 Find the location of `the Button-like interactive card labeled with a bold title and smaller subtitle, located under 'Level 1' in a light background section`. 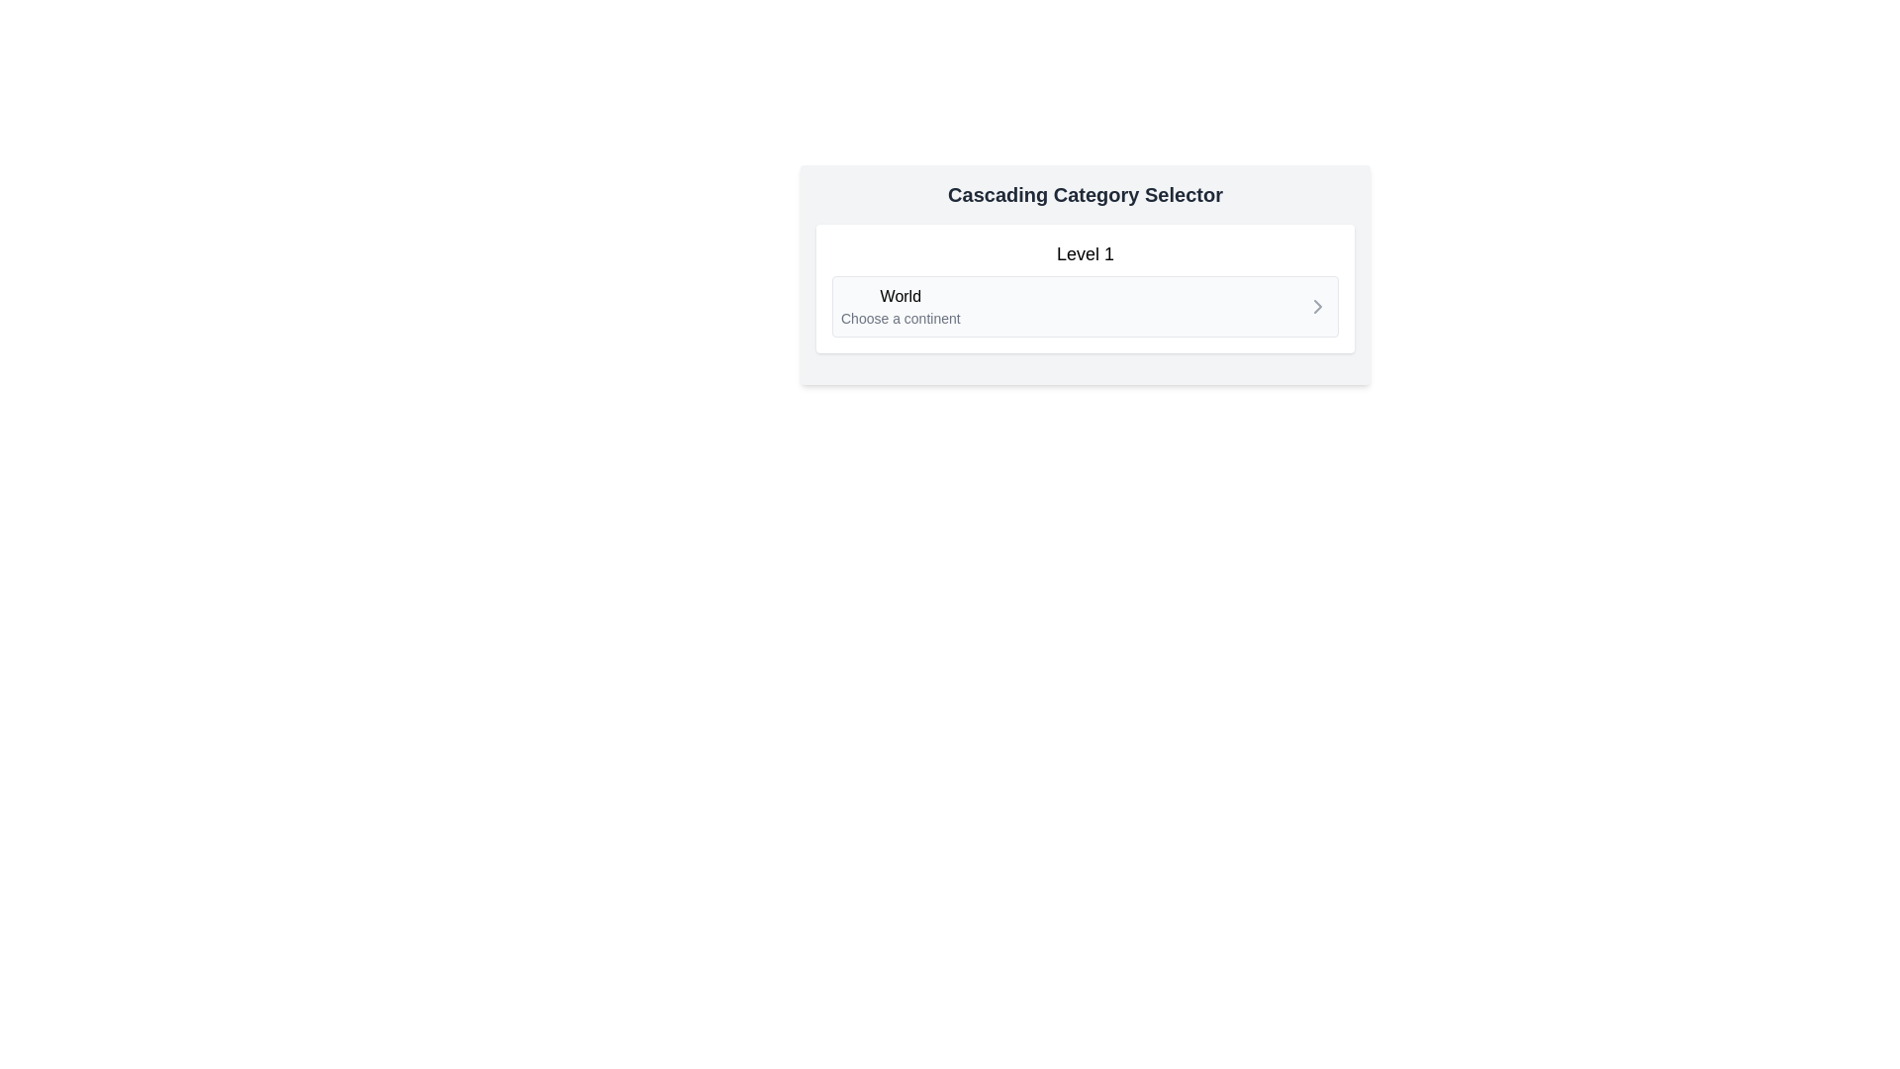

the Button-like interactive card labeled with a bold title and smaller subtitle, located under 'Level 1' in a light background section is located at coordinates (1085, 306).